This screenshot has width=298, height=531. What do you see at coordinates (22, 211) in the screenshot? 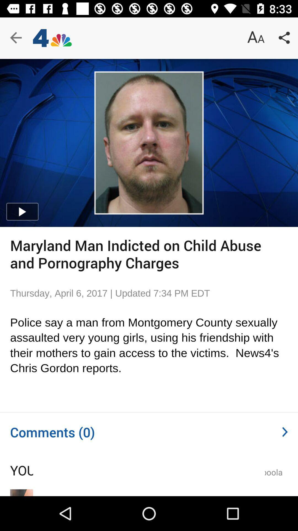
I see `the play icon` at bounding box center [22, 211].